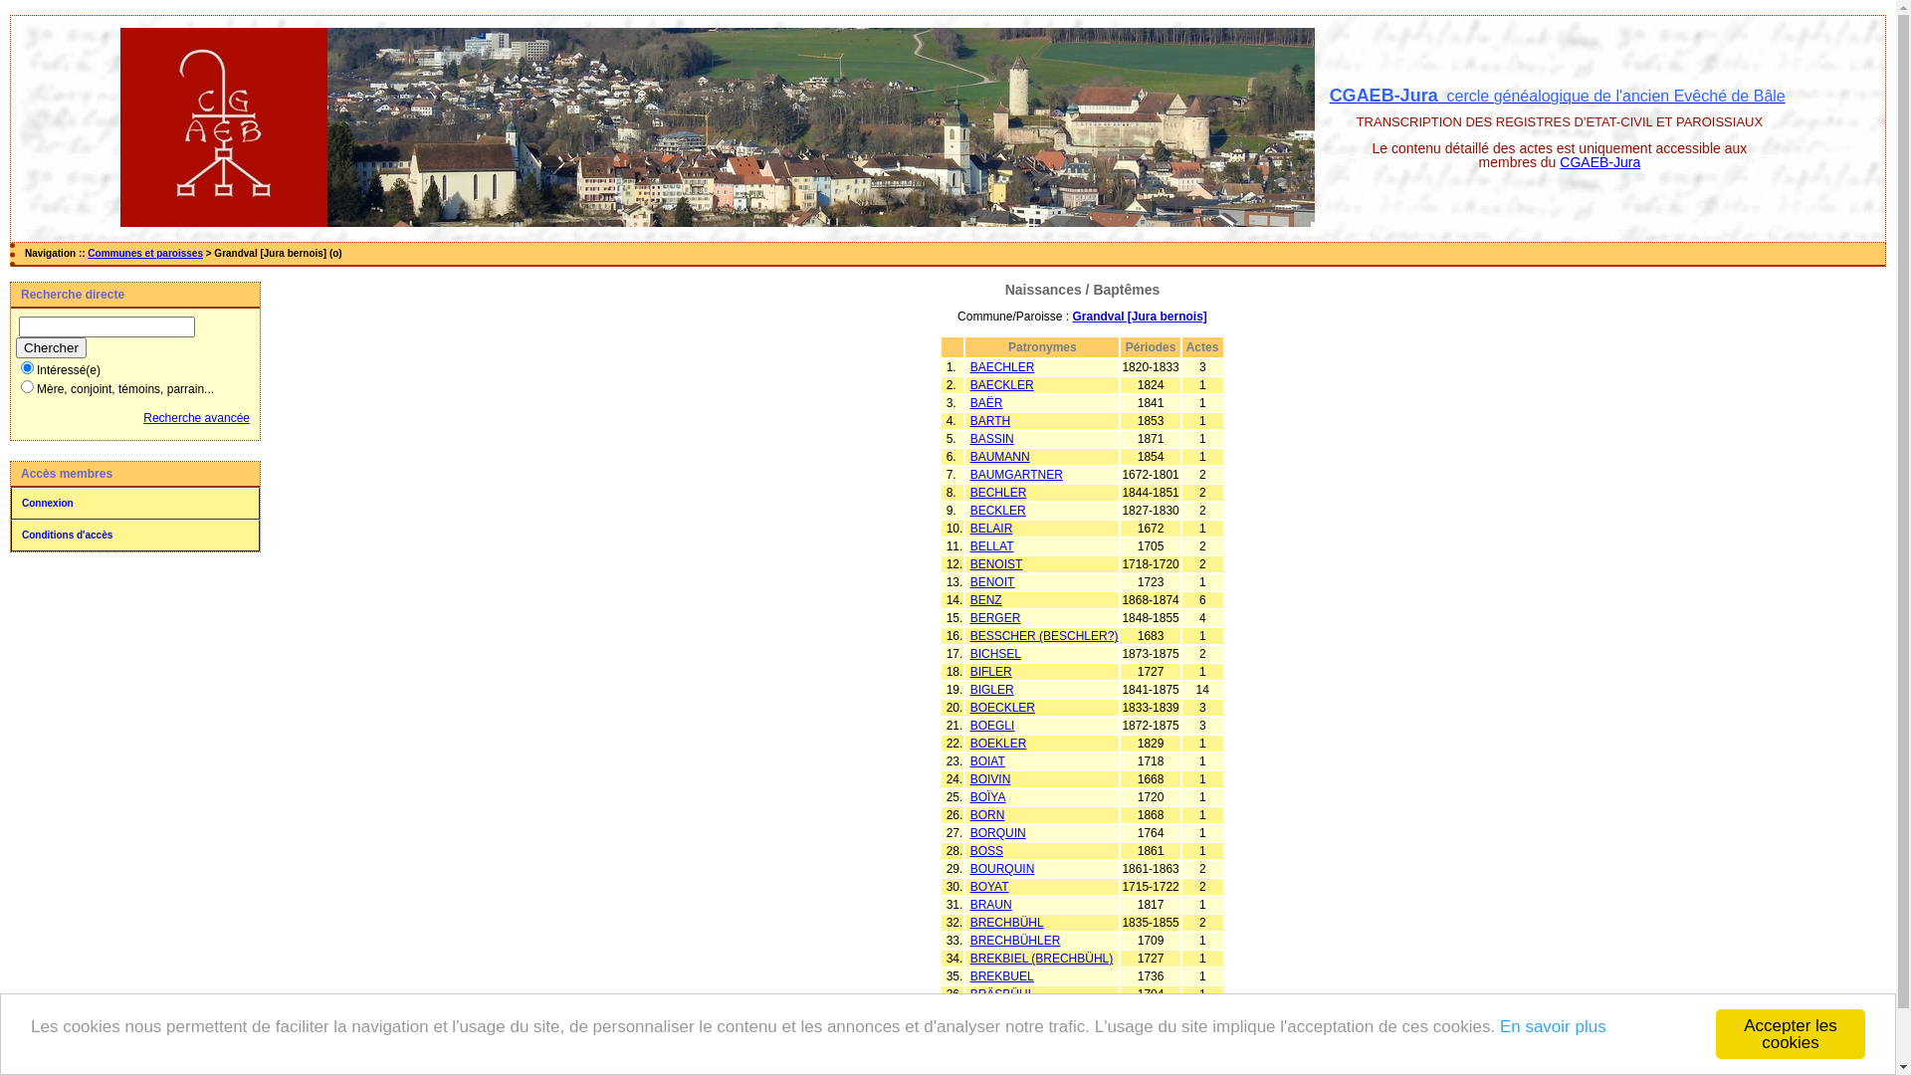 The width and height of the screenshot is (1911, 1075). I want to click on 'BENOIST', so click(996, 564).